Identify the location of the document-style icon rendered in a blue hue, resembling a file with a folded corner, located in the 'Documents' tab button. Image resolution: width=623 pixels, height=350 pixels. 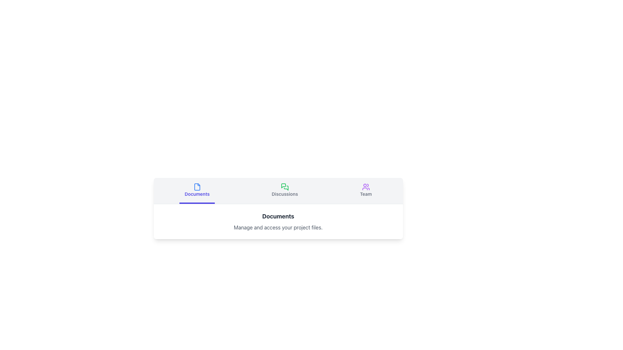
(197, 187).